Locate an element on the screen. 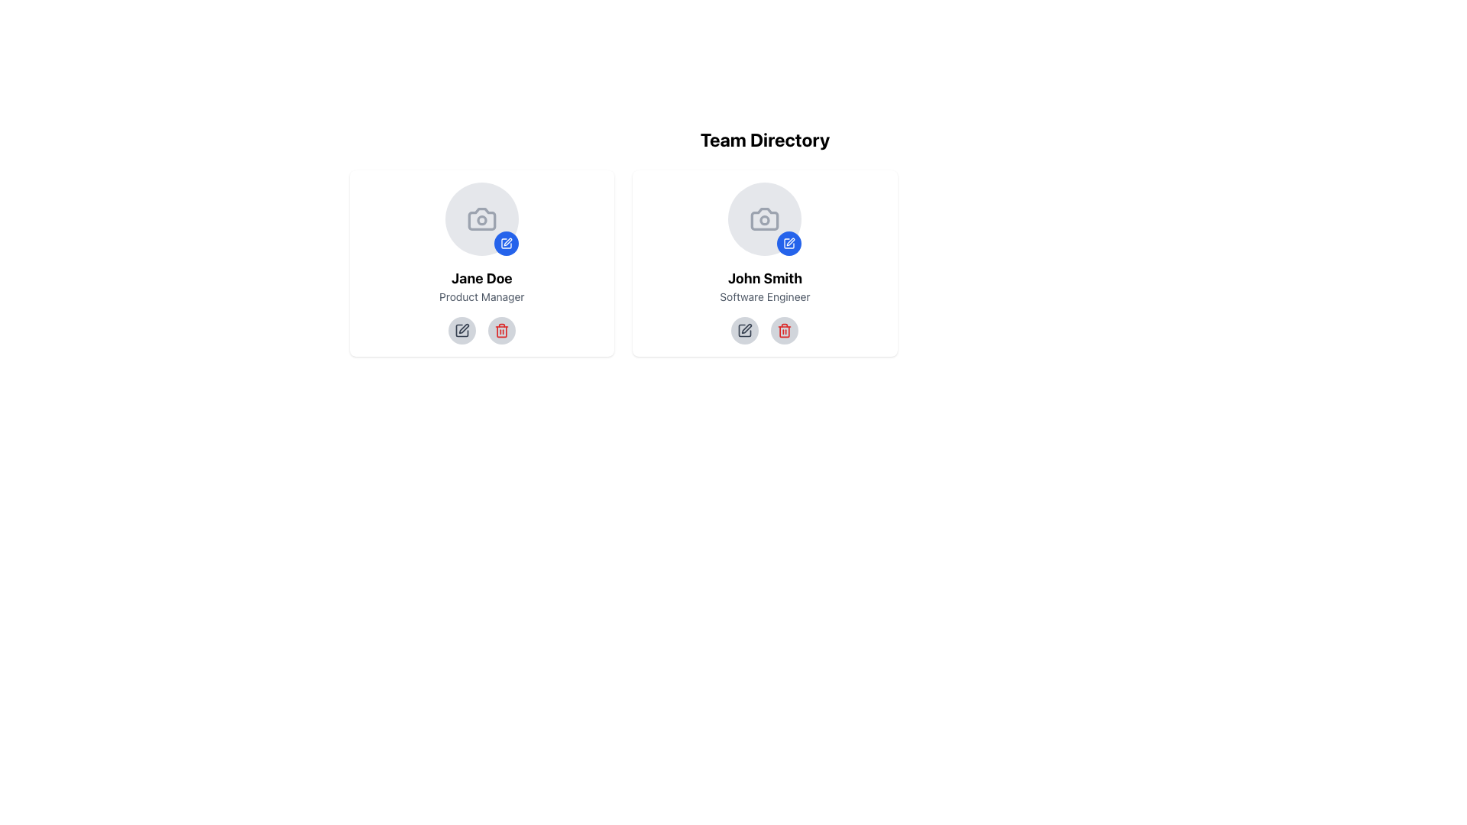 The height and width of the screenshot is (825, 1467). the edit button located under 'Jane Doe's profile is located at coordinates (461, 329).